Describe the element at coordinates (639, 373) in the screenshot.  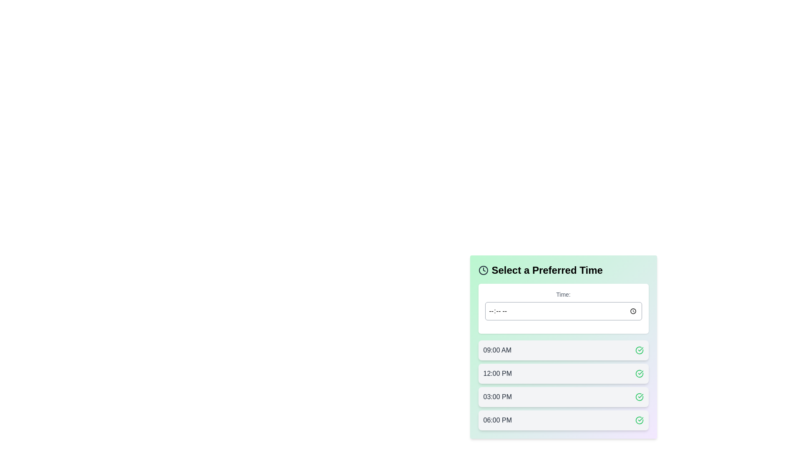
I see `the status icon located at the right side of the row labeled '12:00 PM'` at that location.